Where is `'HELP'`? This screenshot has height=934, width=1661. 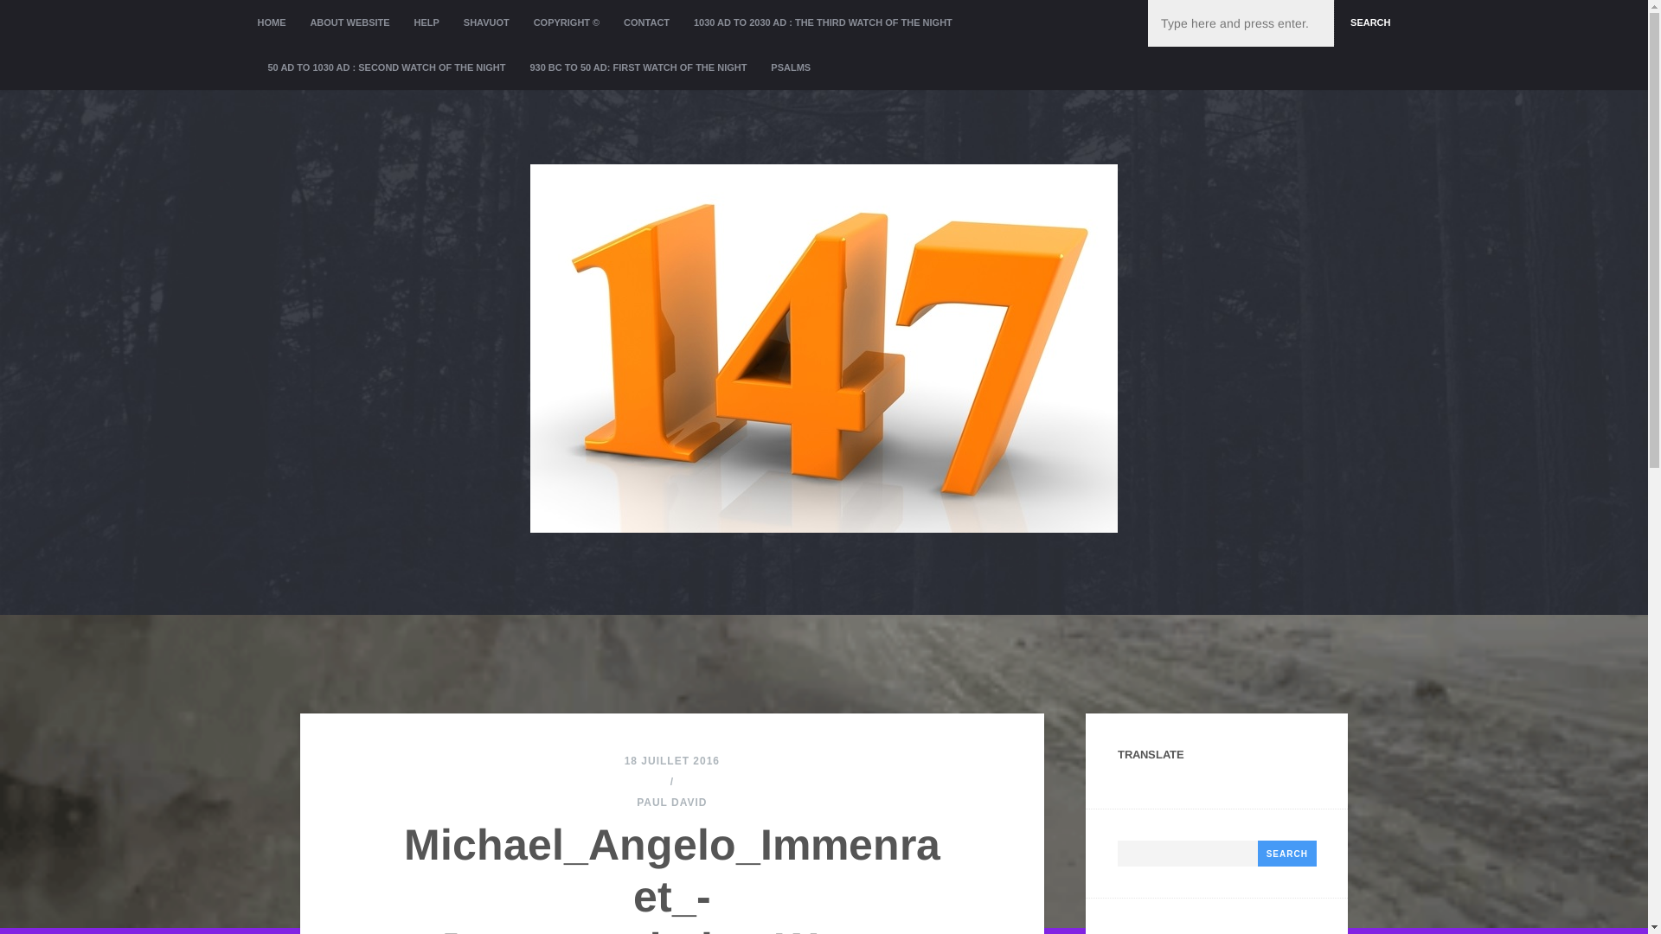
'HELP' is located at coordinates (426, 22).